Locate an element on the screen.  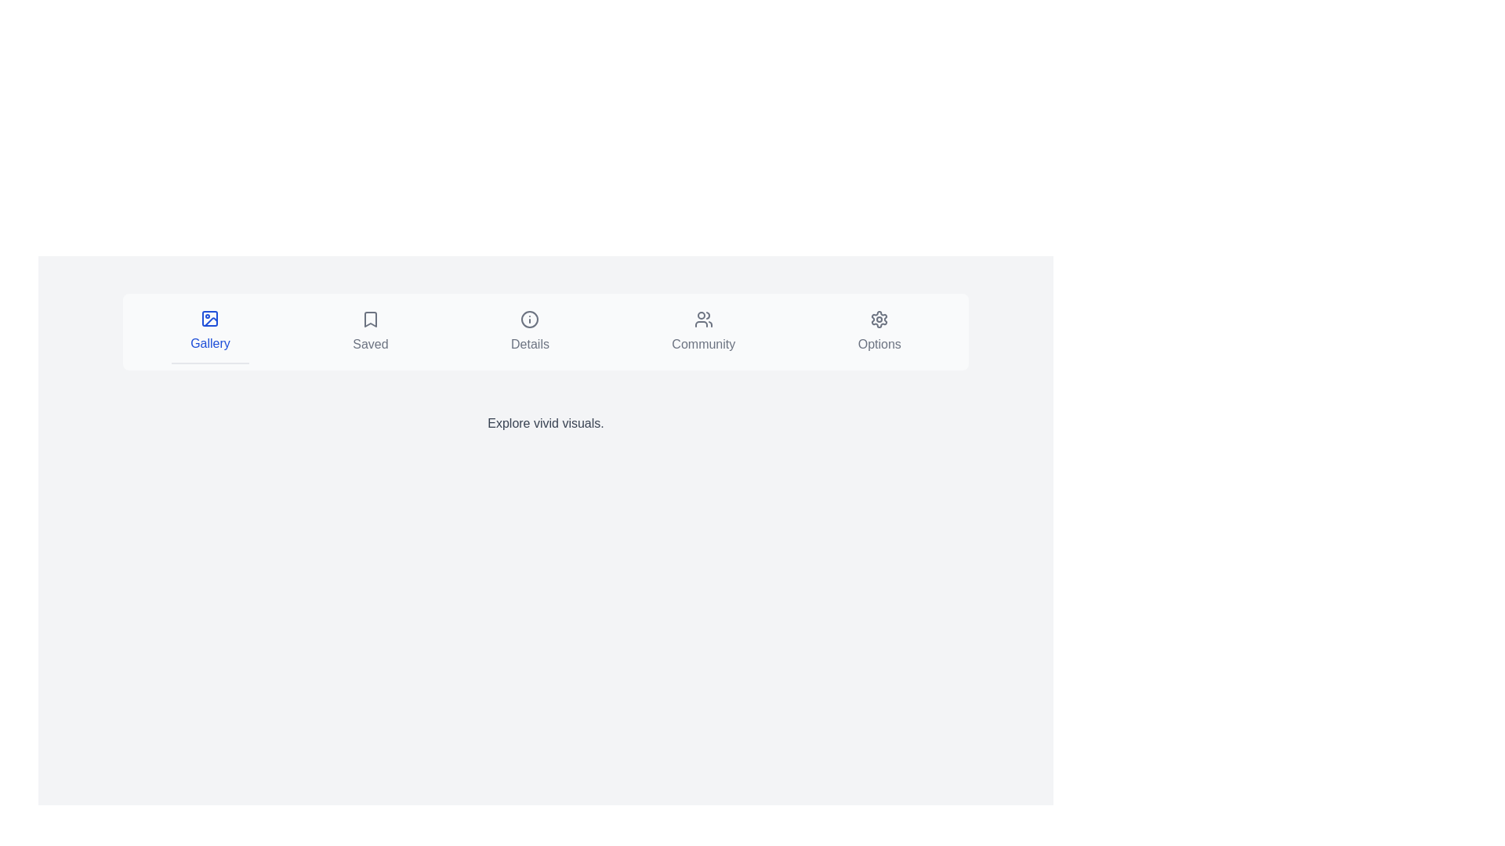
the tab labeled 'Community' to navigate to its content is located at coordinates (702, 331).